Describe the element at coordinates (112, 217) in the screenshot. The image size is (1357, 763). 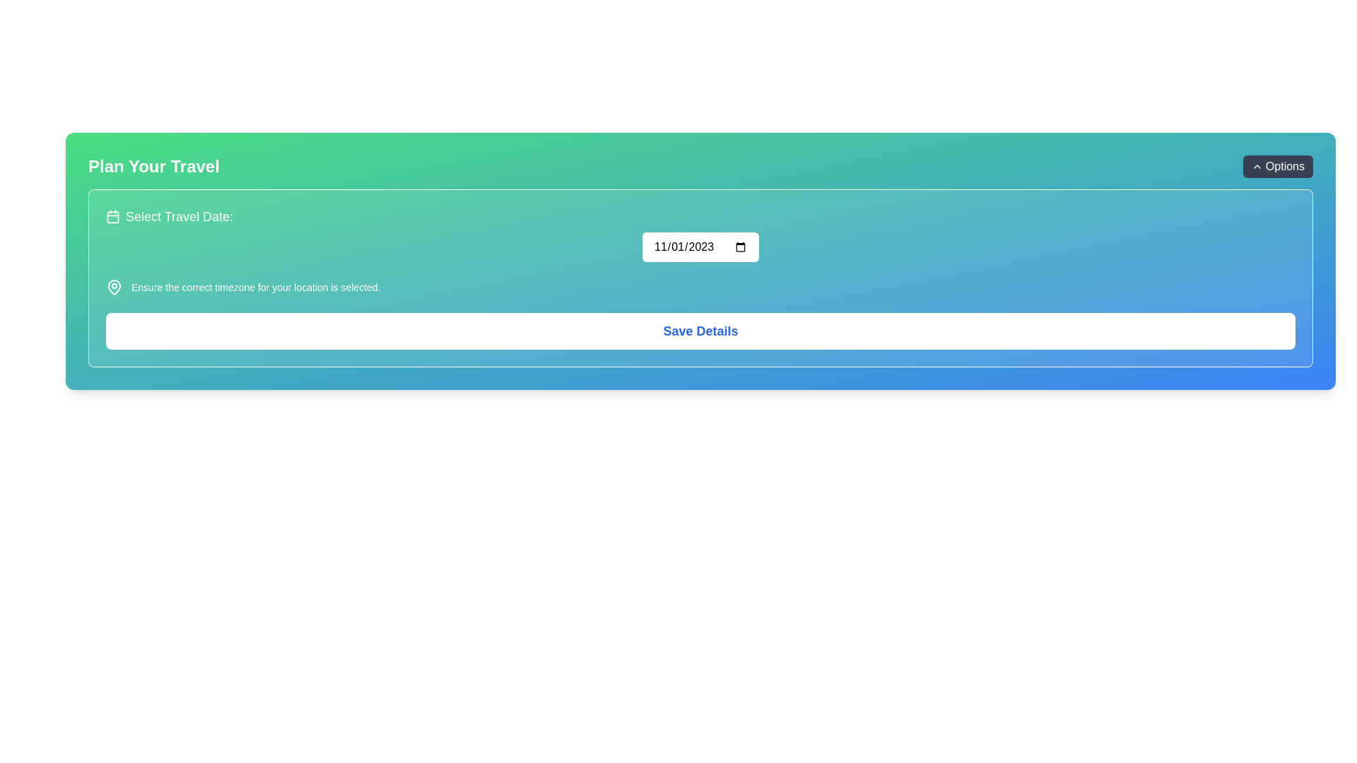
I see `the SVG rectangle element that serves as part of the calendar icon, which is styled in green and located next to the label 'Select Travel Date'` at that location.